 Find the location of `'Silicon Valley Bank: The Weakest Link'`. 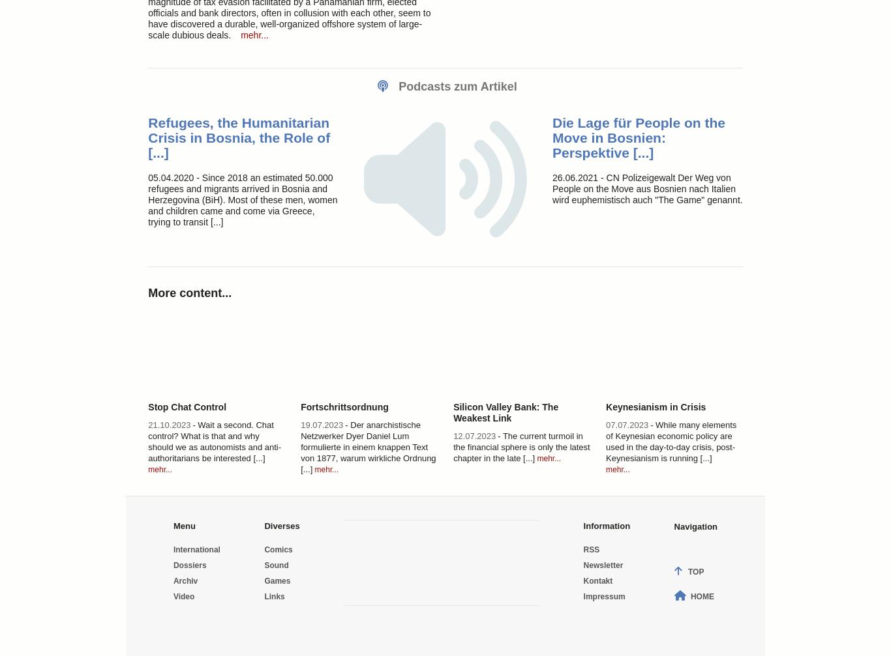

'Silicon Valley Bank: The Weakest Link' is located at coordinates (506, 411).